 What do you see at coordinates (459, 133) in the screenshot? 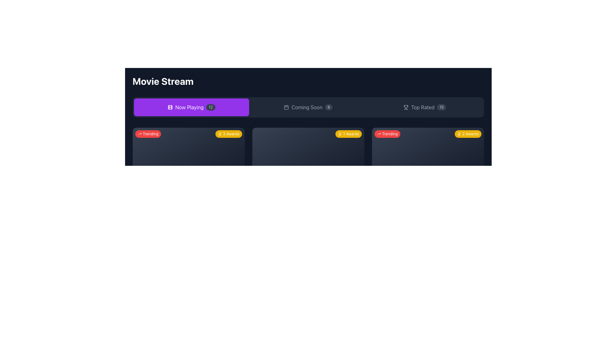
I see `the award icon, which is represented as an SVG with a circular medallion and ribbon-like extensions, located within a yellow badge stating '2 Awards' in the upper-right corner of the card-like section` at bounding box center [459, 133].